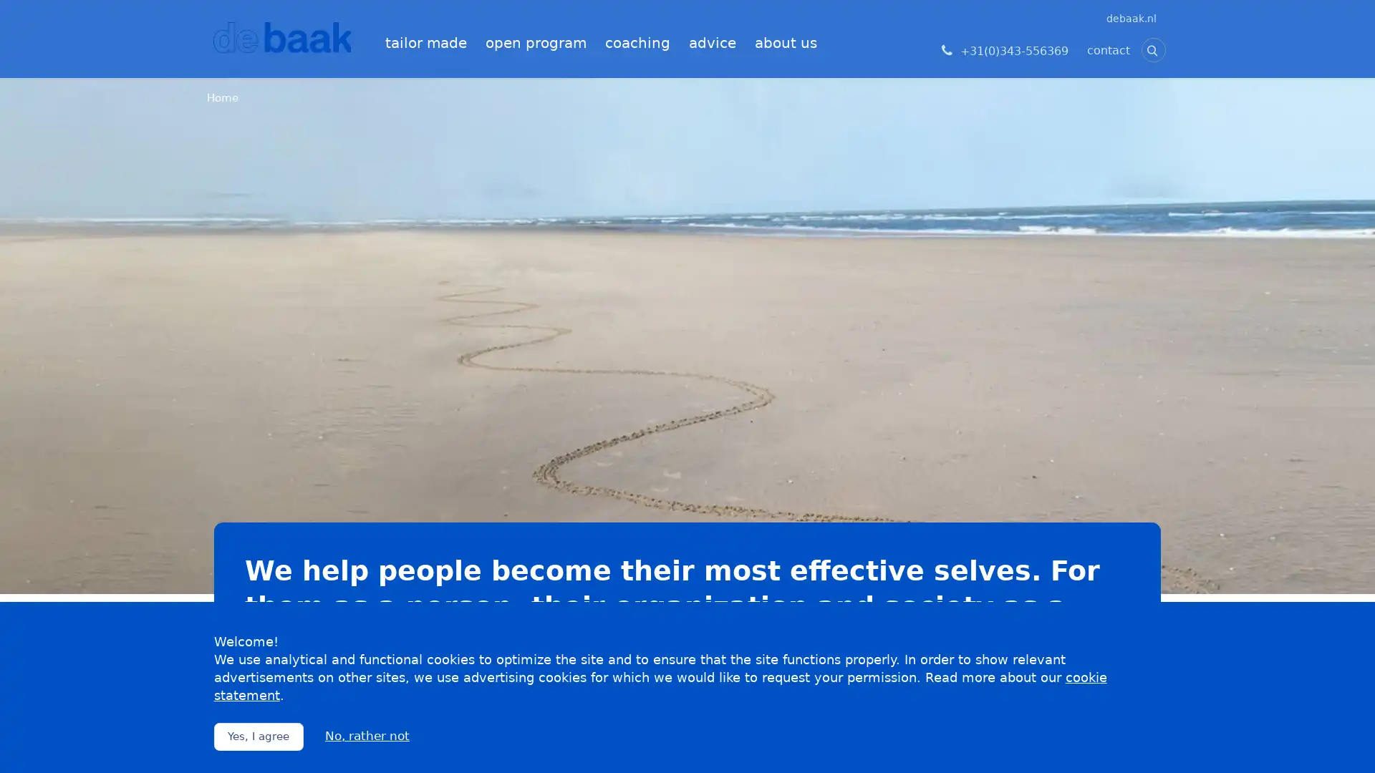  I want to click on Zoeken, so click(1163, 74).